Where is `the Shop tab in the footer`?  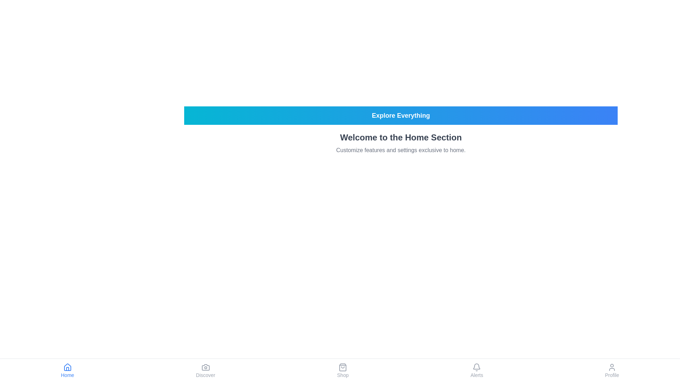 the Shop tab in the footer is located at coordinates (343, 370).